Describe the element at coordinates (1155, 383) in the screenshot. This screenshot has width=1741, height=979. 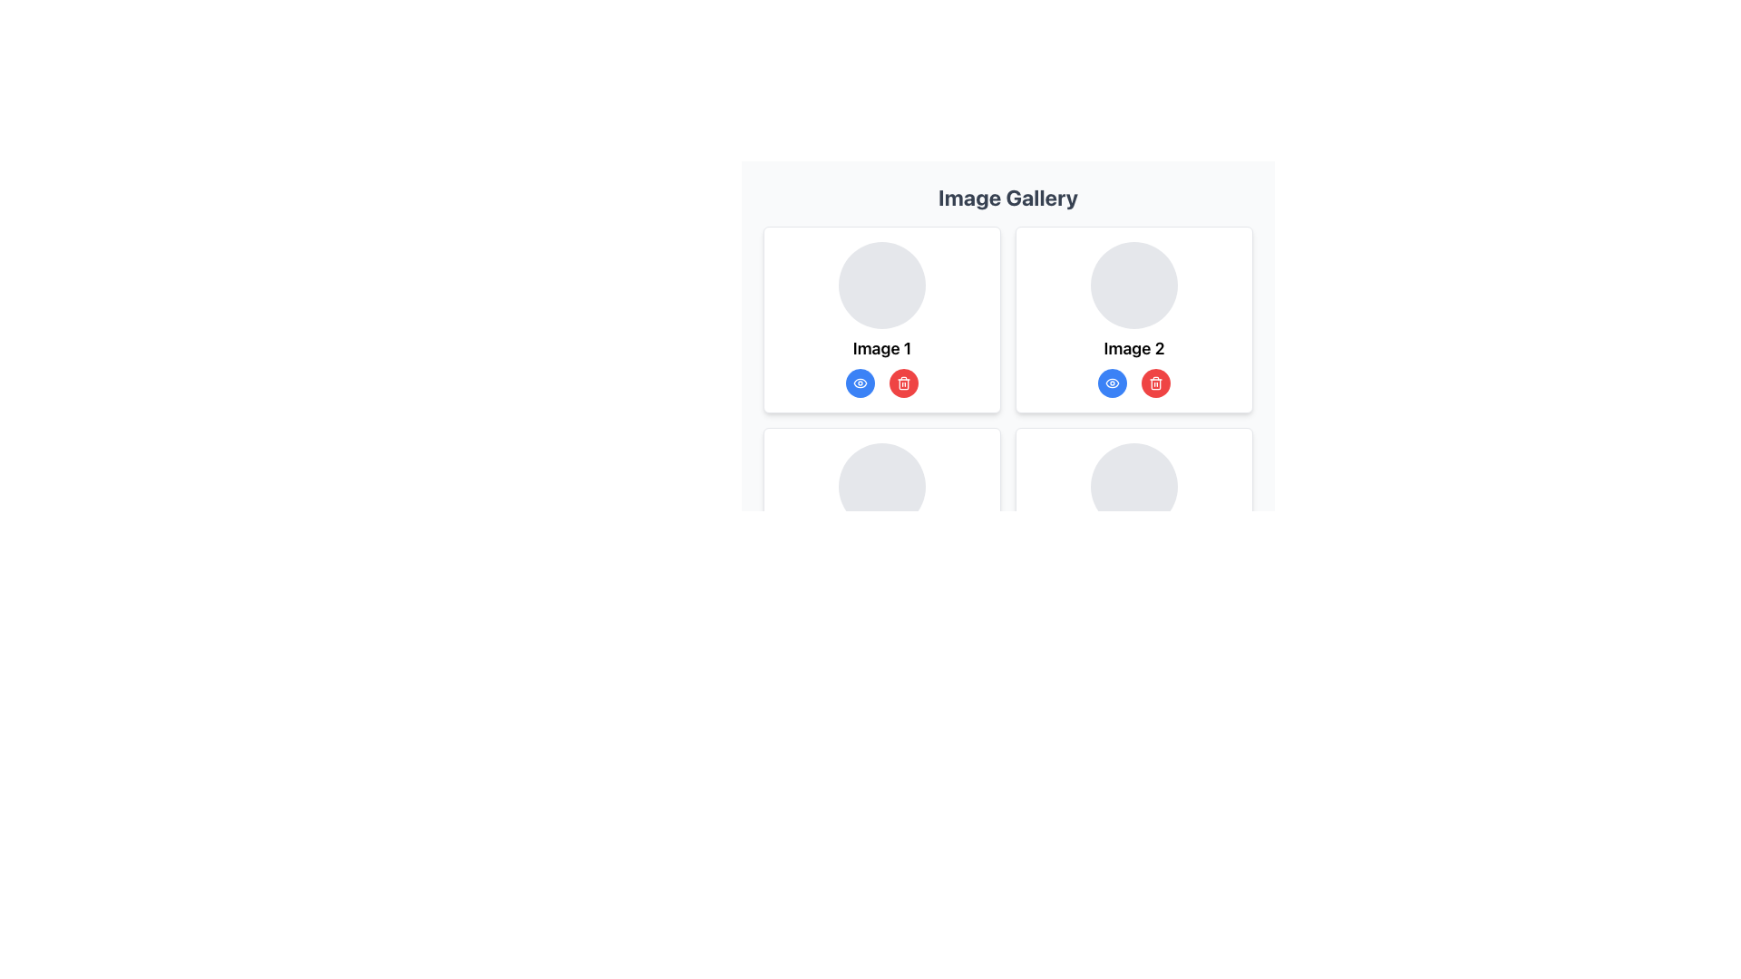
I see `the trash icon button with a red background, located below the second image in the 'Image Gallery' grid` at that location.